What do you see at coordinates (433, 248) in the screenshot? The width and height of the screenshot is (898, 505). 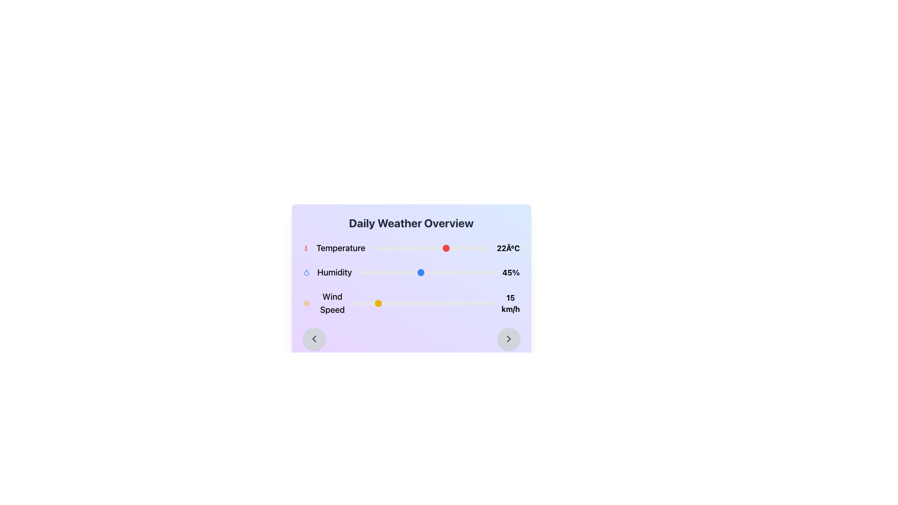 I see `the Temperature slider` at bounding box center [433, 248].